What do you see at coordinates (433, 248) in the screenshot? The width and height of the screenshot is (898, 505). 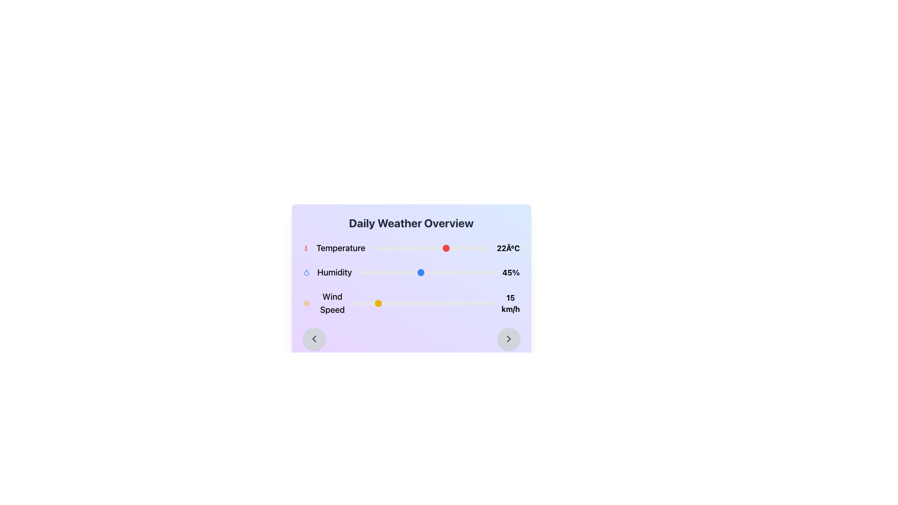 I see `the Temperature slider` at bounding box center [433, 248].